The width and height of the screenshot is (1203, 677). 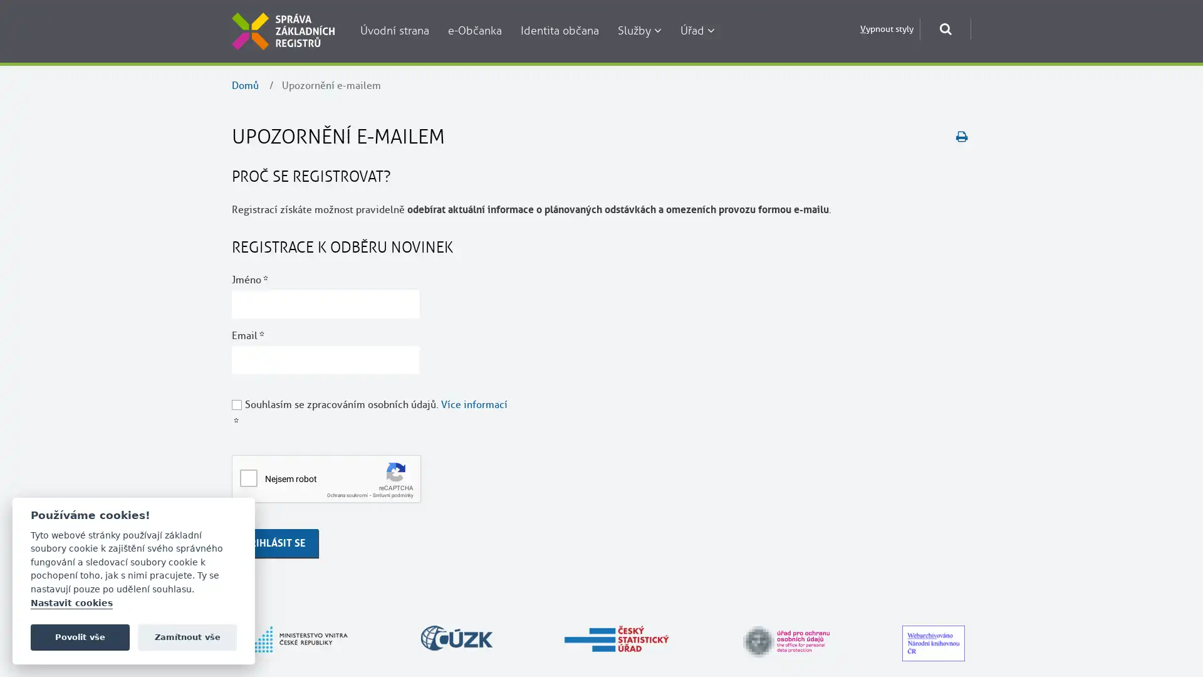 I want to click on Zamitnout vse, so click(x=186, y=636).